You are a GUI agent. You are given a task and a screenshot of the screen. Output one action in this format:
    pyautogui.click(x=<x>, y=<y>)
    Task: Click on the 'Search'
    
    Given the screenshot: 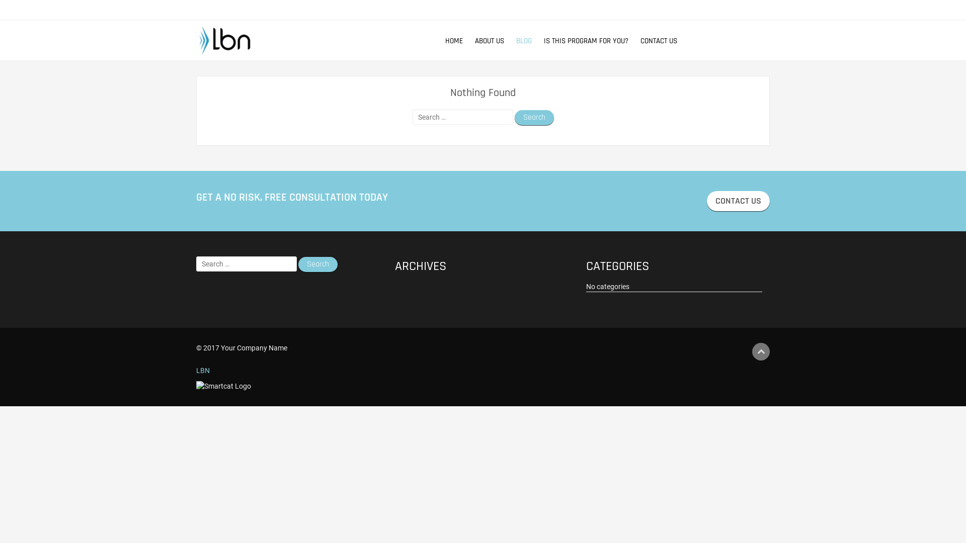 What is the action you would take?
    pyautogui.click(x=533, y=117)
    